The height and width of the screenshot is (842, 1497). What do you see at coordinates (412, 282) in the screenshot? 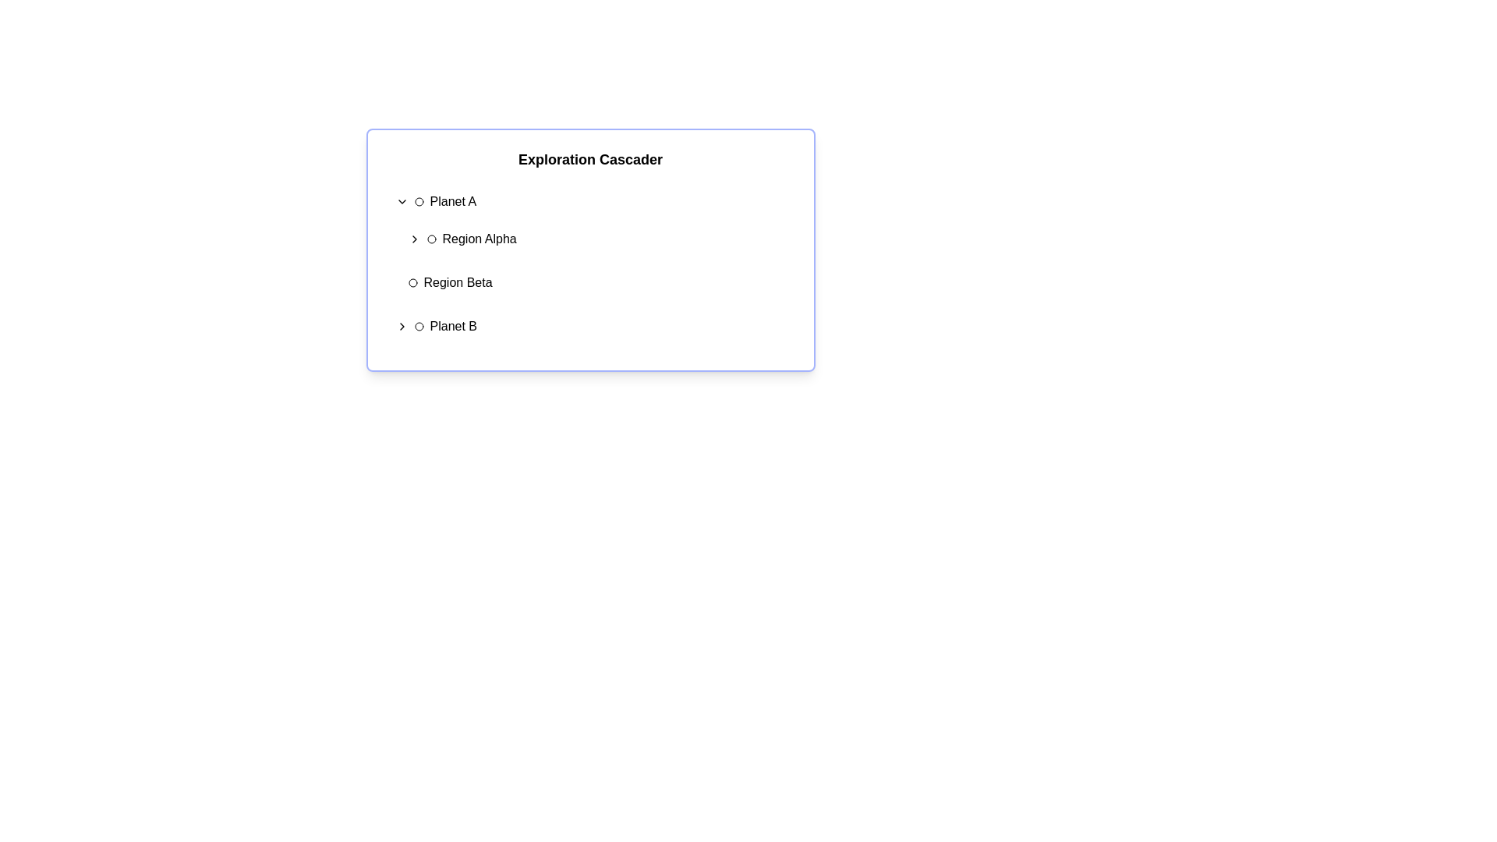
I see `the SVG Circle that serves as a visual marker for the 'Region Beta' entry in the hierarchical interface titled 'Exploration Cascader'` at bounding box center [412, 282].